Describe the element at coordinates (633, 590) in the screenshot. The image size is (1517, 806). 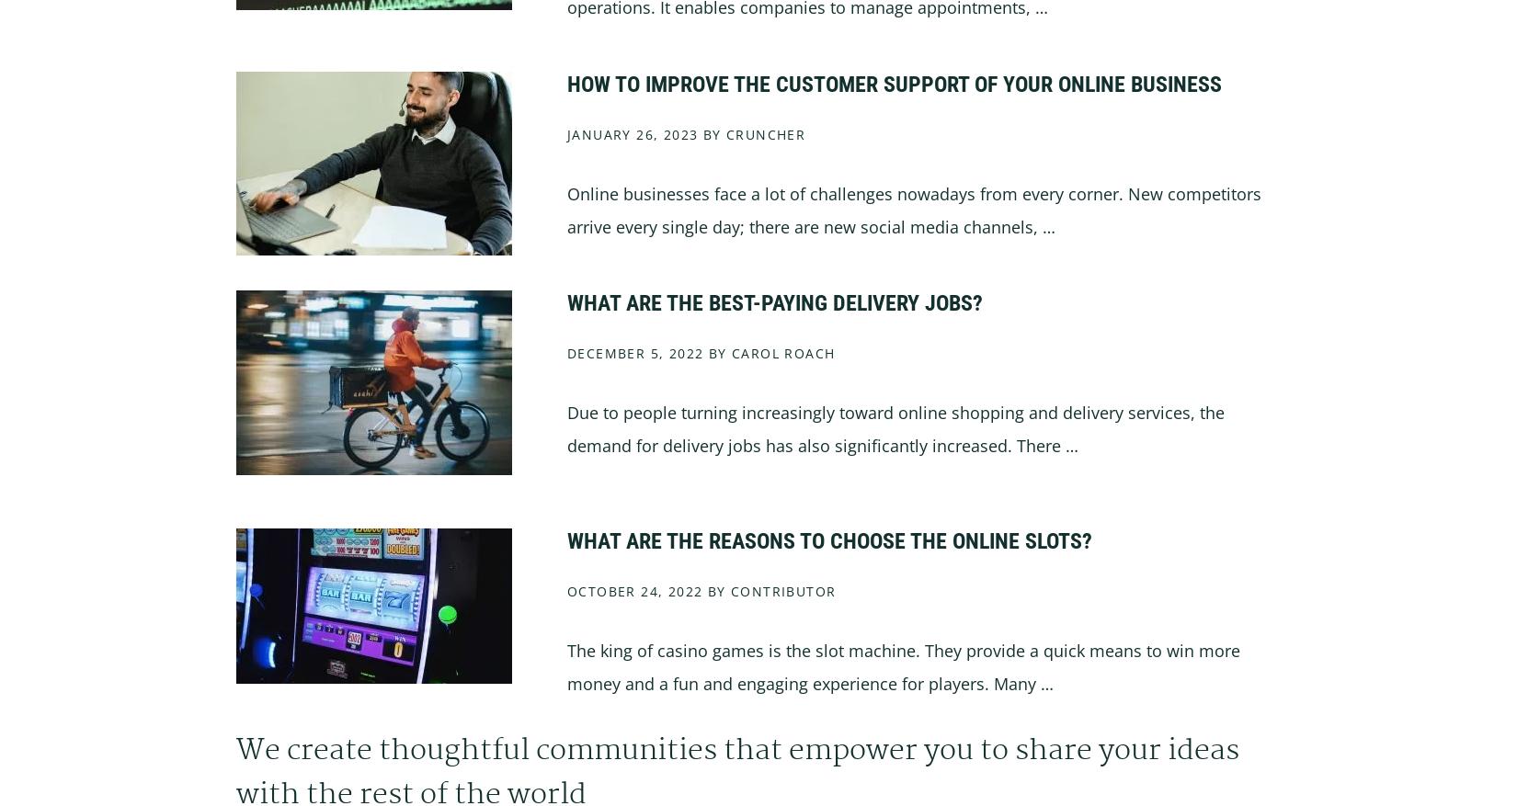
I see `'October 24, 2022'` at that location.